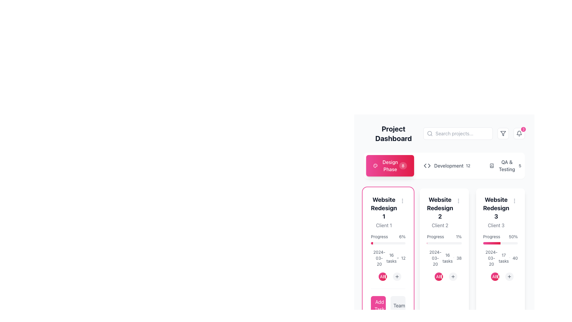  What do you see at coordinates (375, 258) in the screenshot?
I see `the date text label '2024-03-20' which is styled with a gray font and located next to the calendar icon within the card titled 'Website Redesign 1'` at bounding box center [375, 258].